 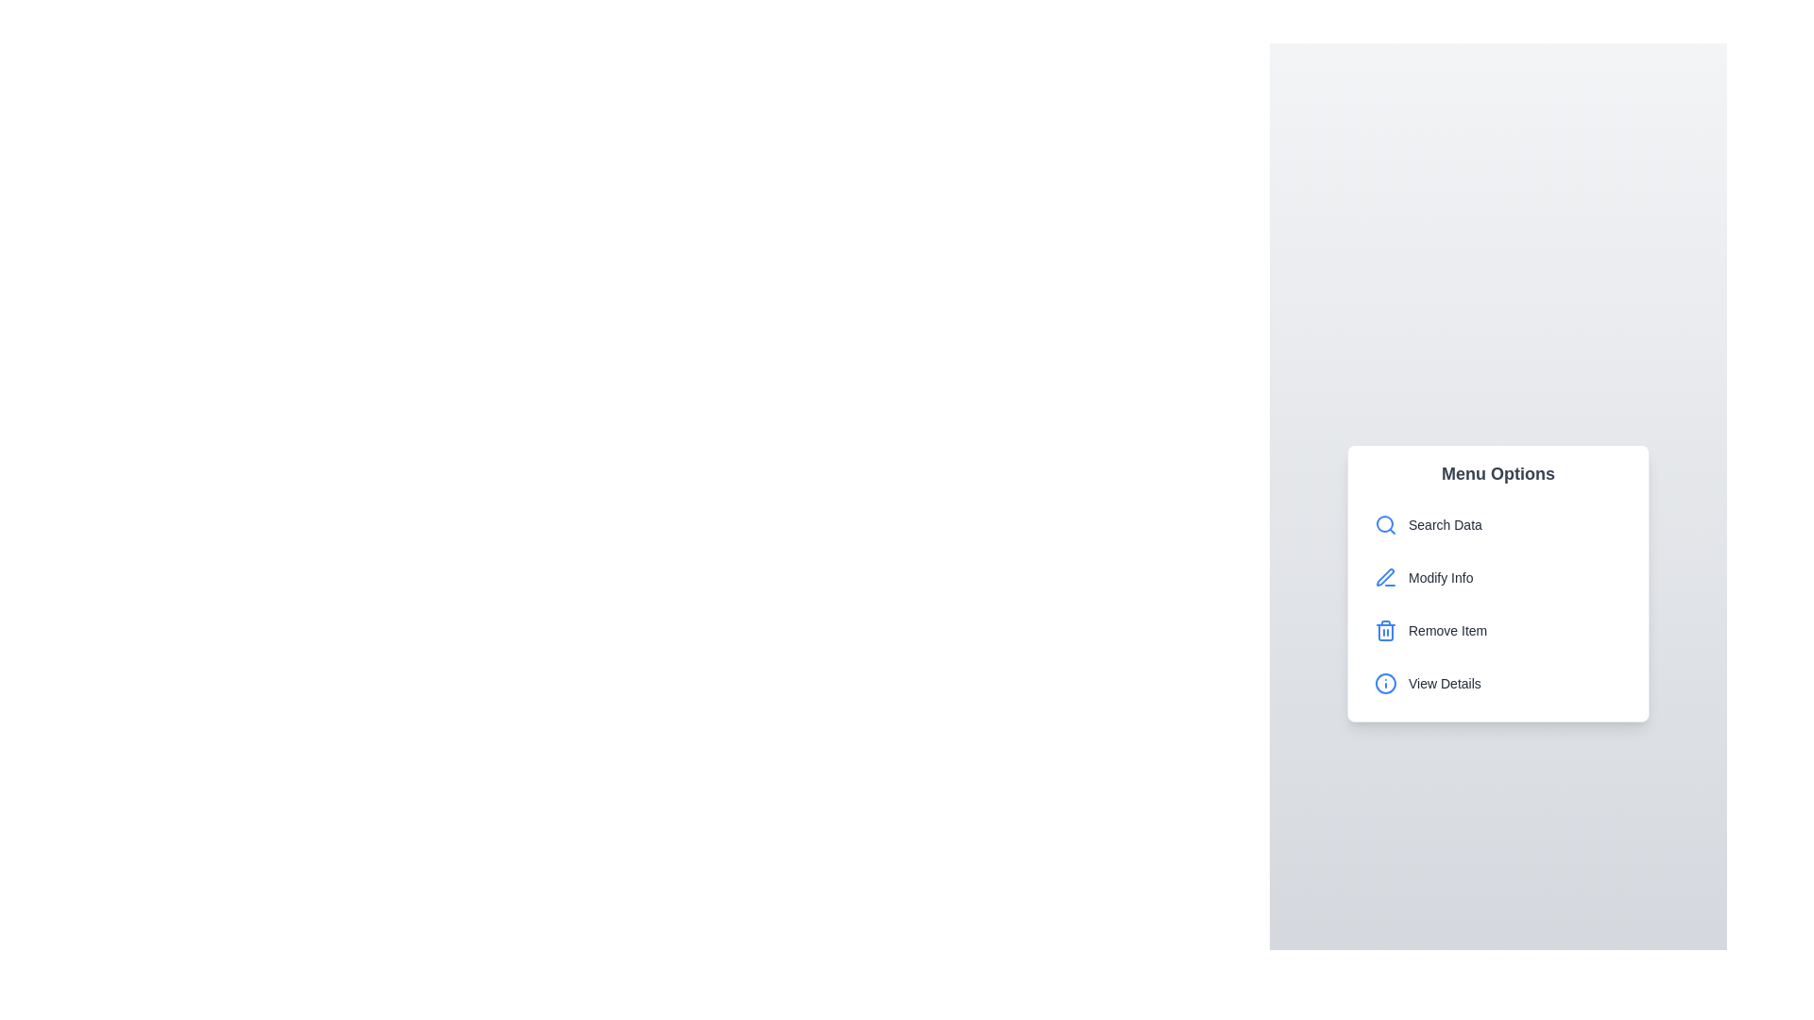 What do you see at coordinates (1386, 684) in the screenshot?
I see `the circular blue icon with a white background resembling an 'info' symbol, located in the fourth entry of the 'Menu Options' vertical menu, adjacent to the text 'View Details'` at bounding box center [1386, 684].